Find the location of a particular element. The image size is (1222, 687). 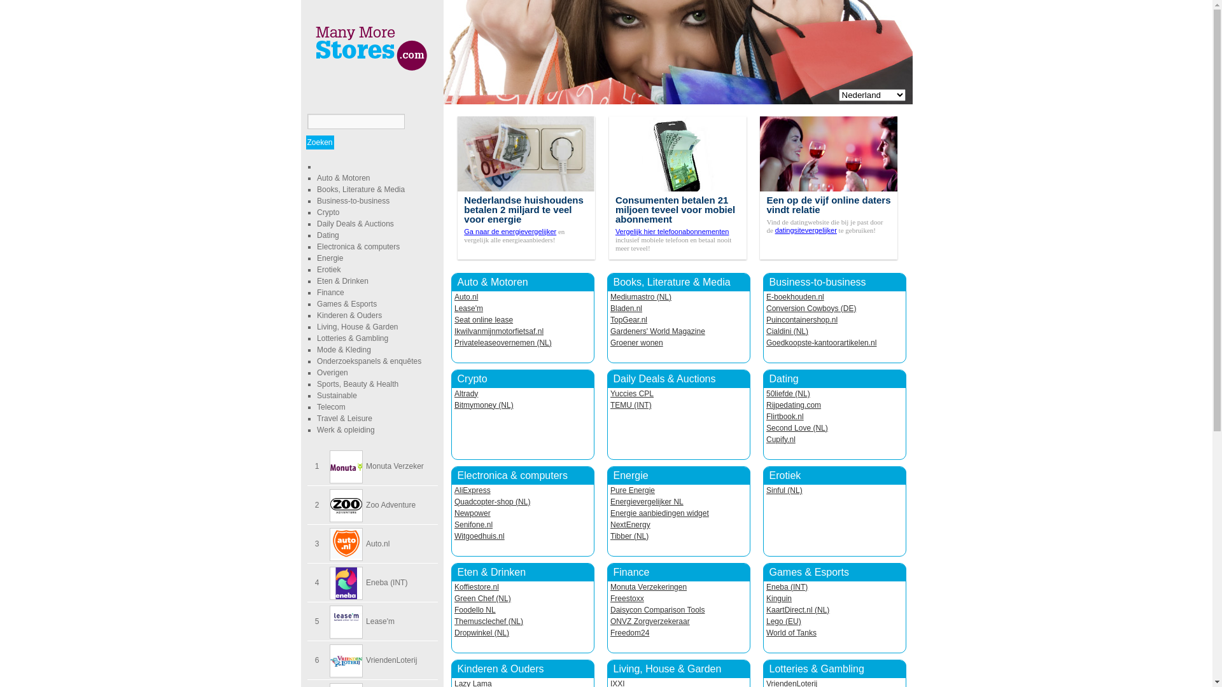

'Tibber (NL)' is located at coordinates (629, 536).